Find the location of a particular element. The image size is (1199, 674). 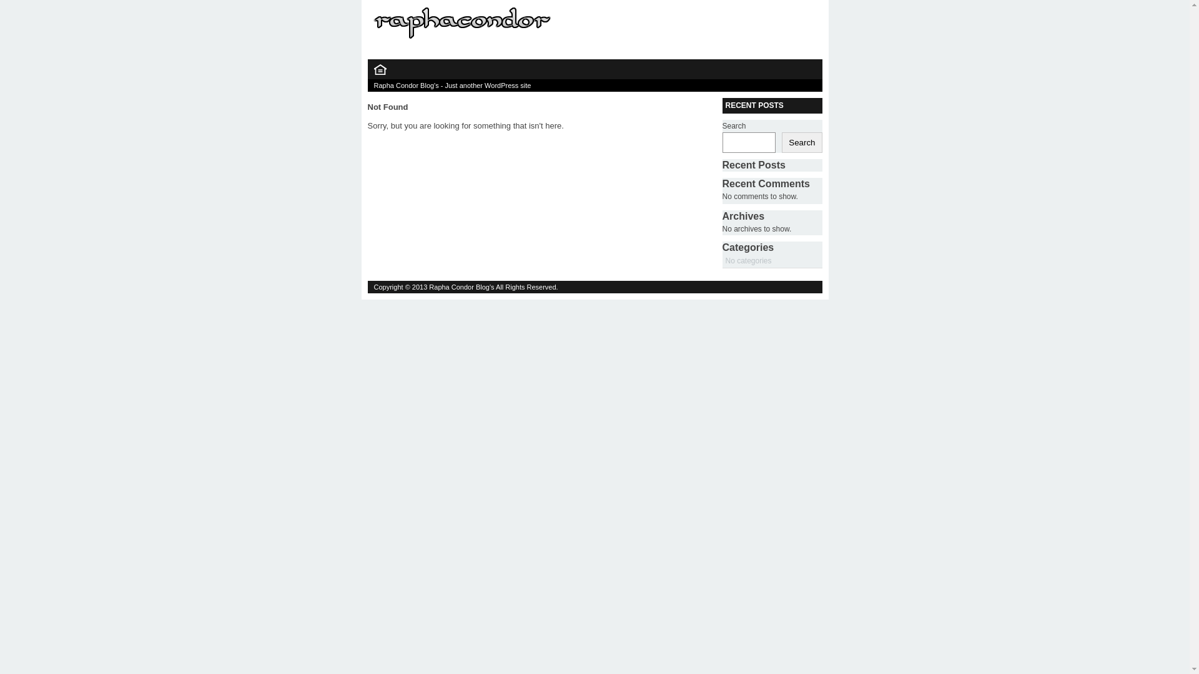

'Search' is located at coordinates (801, 142).